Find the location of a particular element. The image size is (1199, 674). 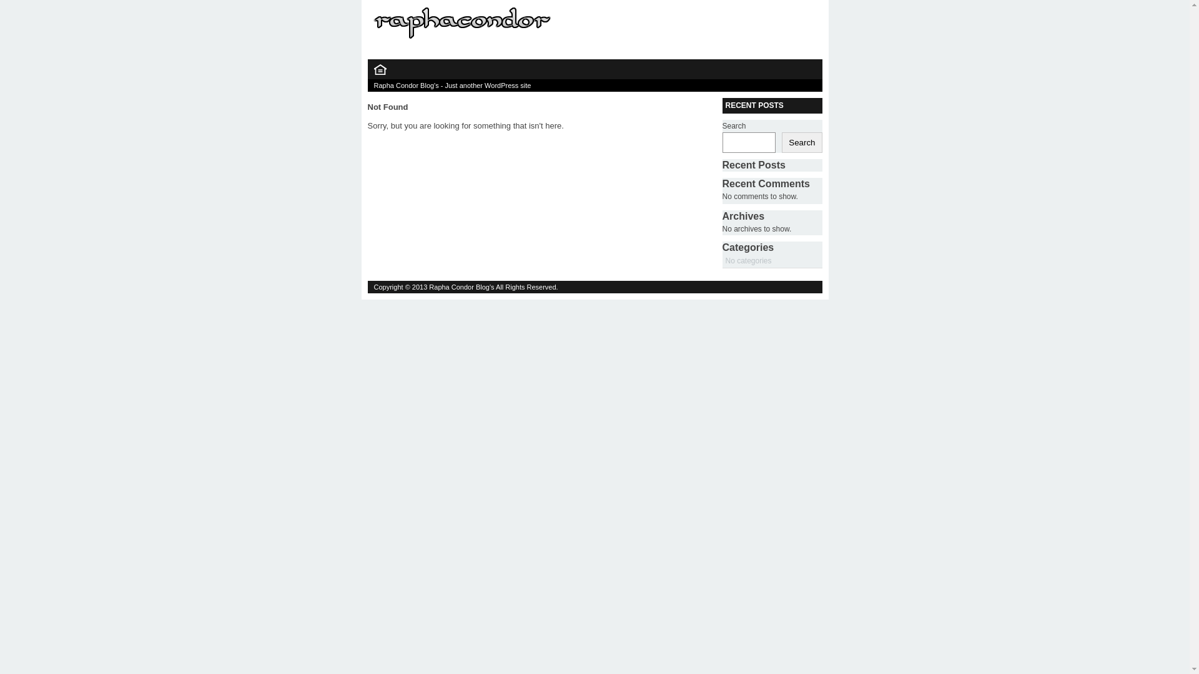

'Search' is located at coordinates (801, 142).